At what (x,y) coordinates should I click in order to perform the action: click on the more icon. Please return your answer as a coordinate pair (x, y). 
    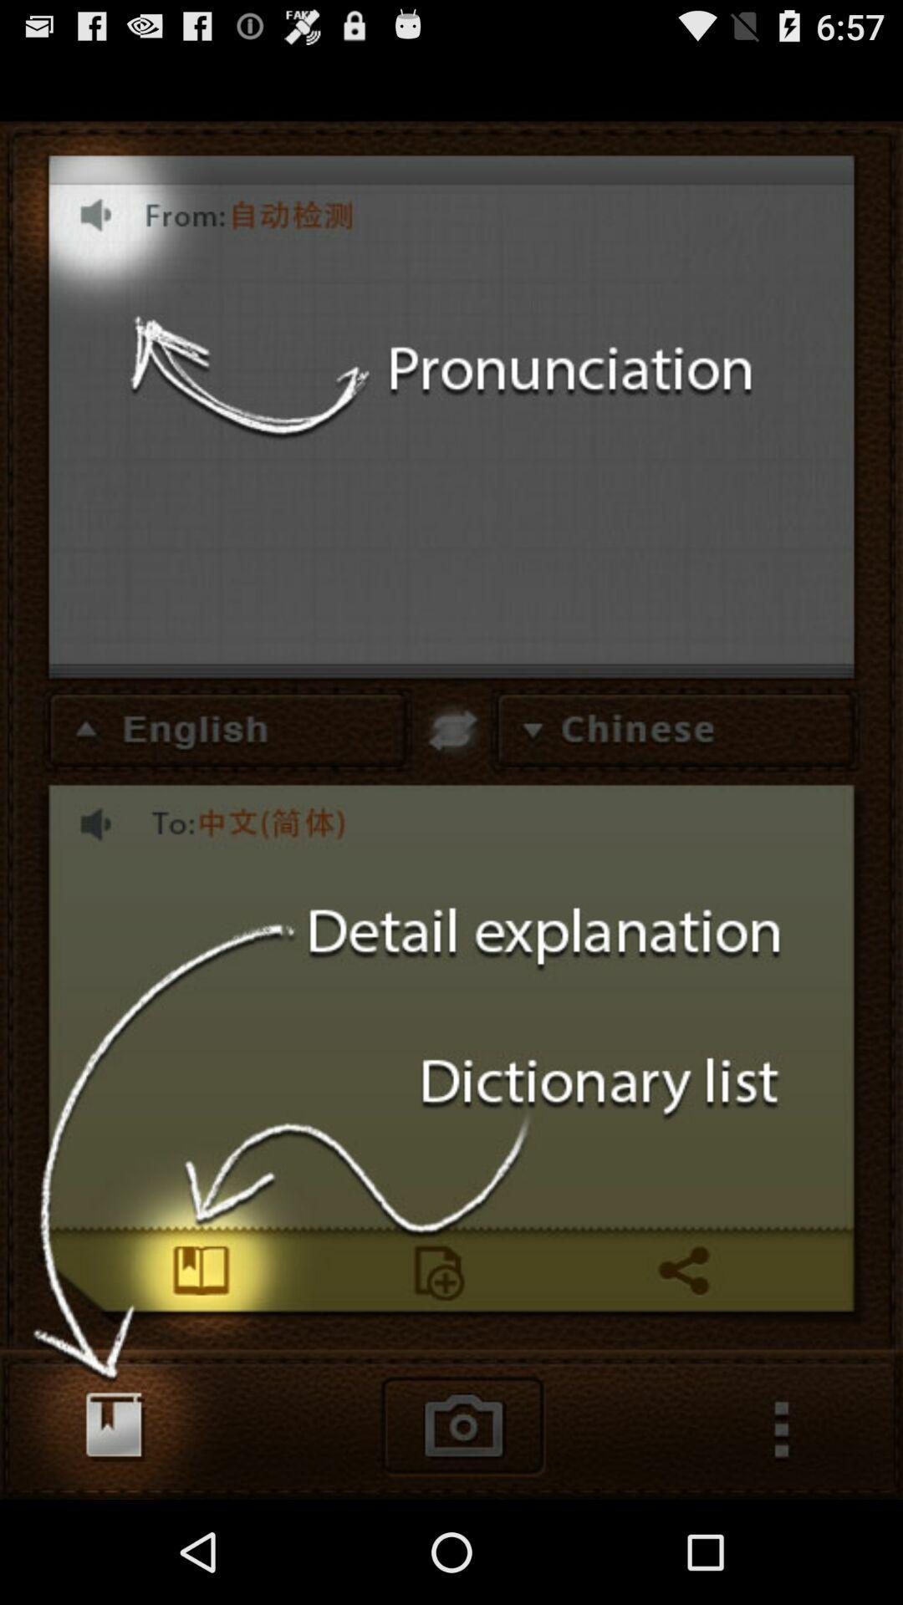
    Looking at the image, I should click on (790, 1545).